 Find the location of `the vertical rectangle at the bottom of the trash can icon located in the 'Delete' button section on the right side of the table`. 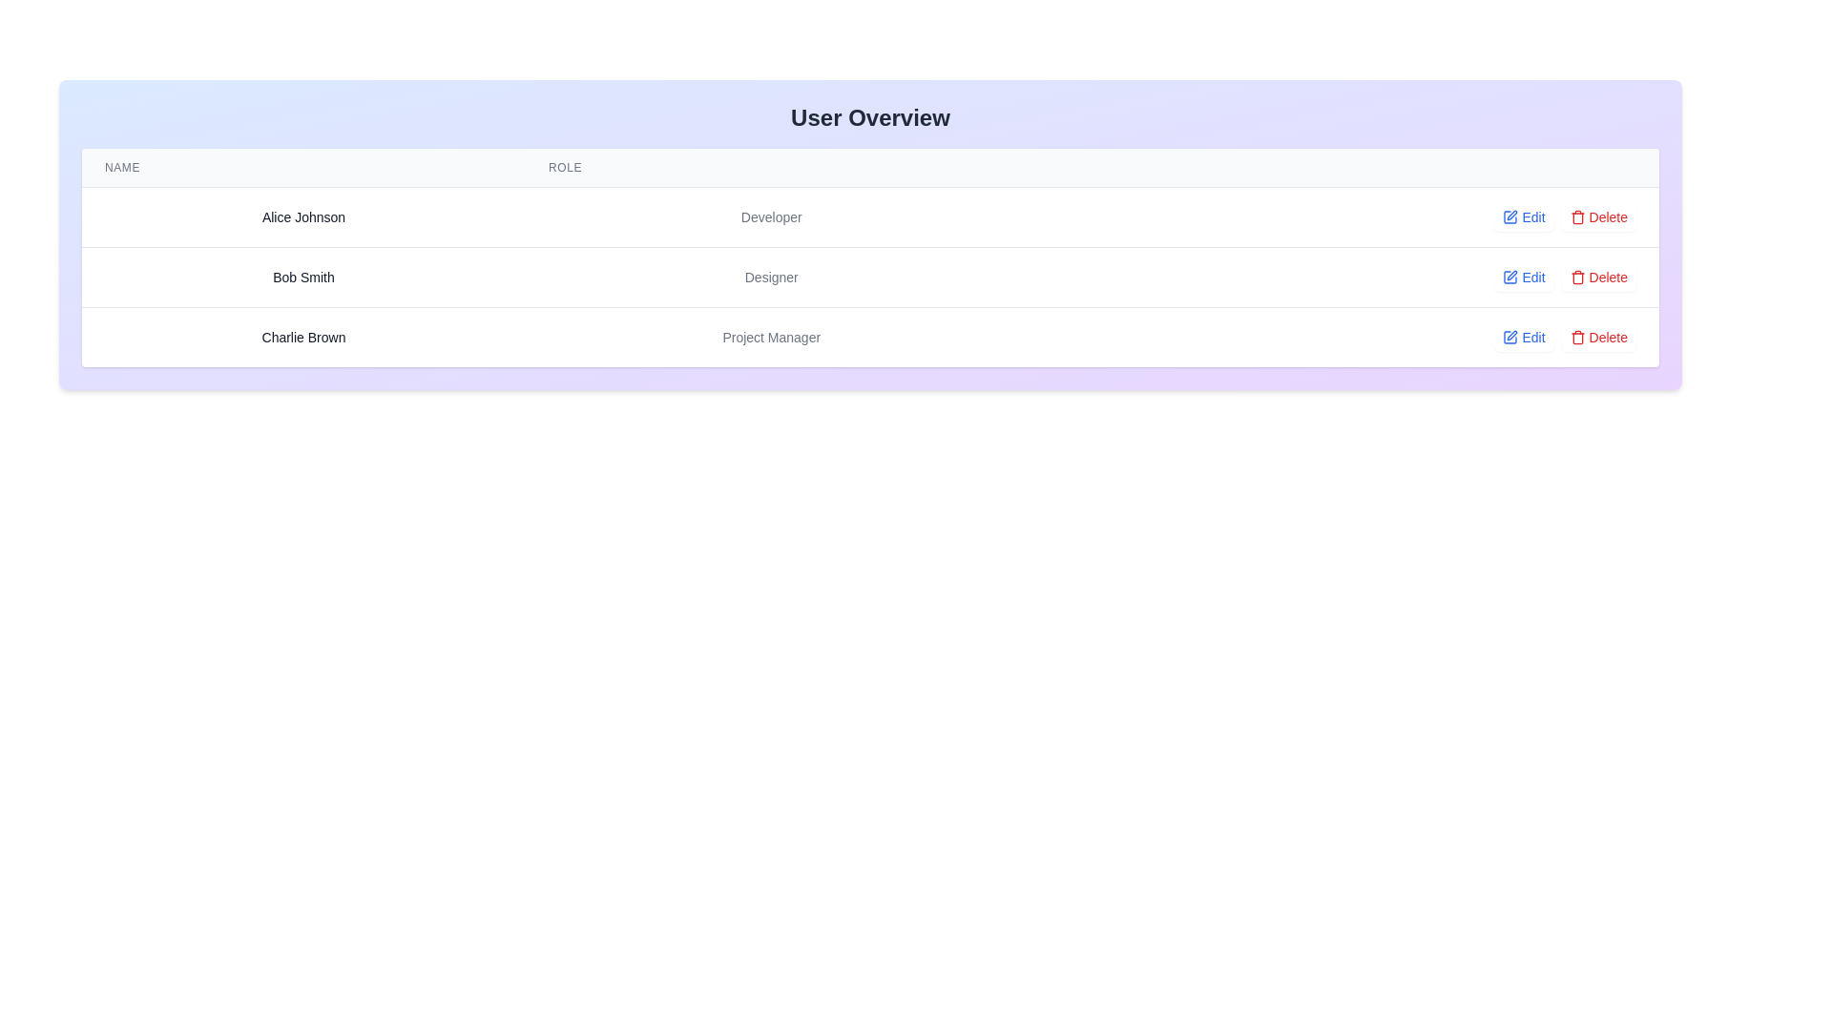

the vertical rectangle at the bottom of the trash can icon located in the 'Delete' button section on the right side of the table is located at coordinates (1577, 338).